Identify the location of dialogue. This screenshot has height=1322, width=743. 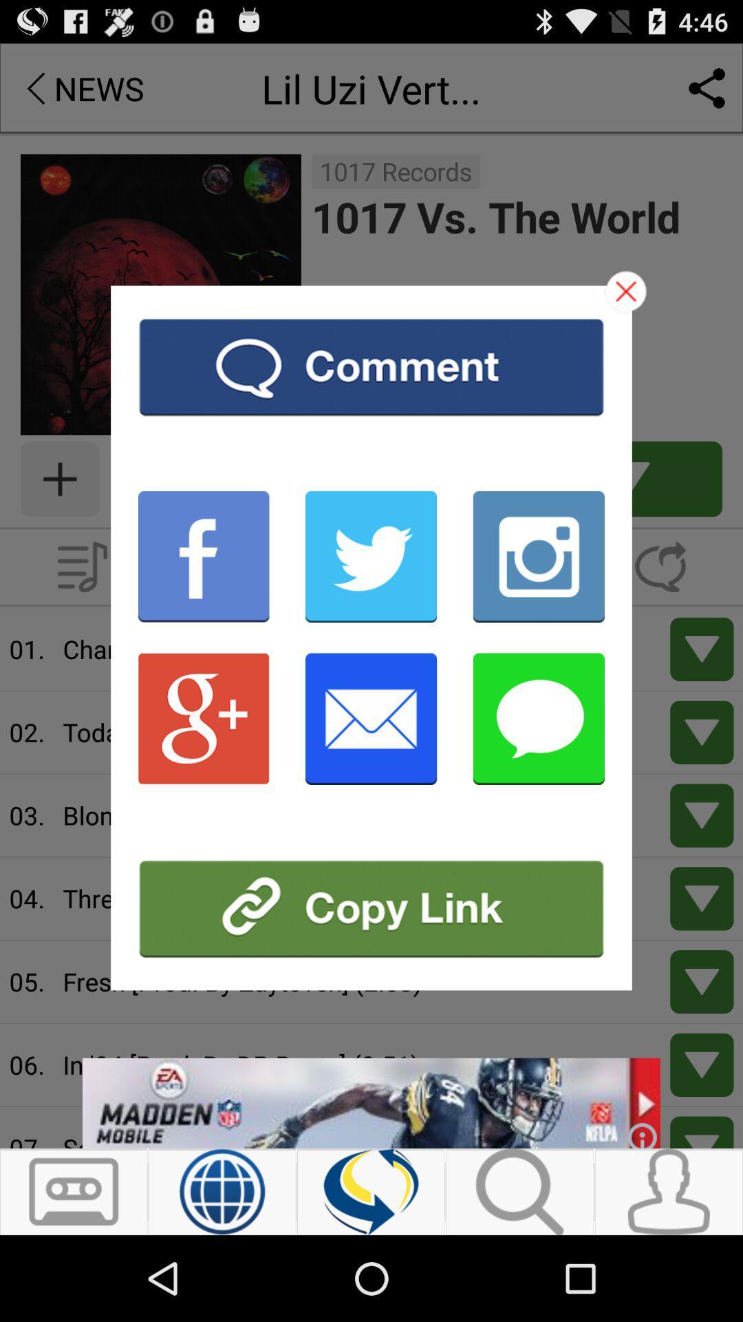
(626, 291).